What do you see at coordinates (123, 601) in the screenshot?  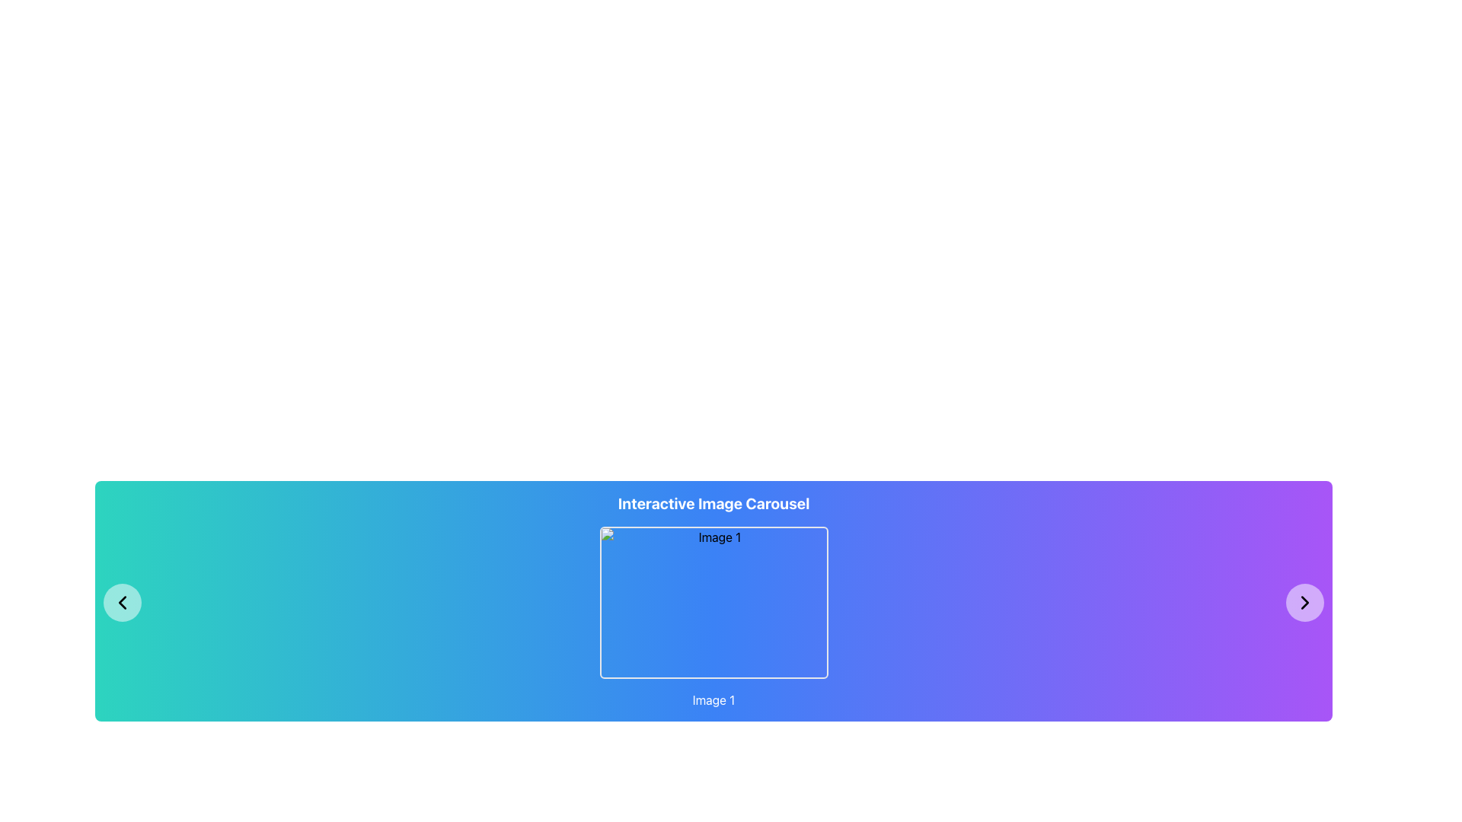 I see `the circular icon button on the left edge of the carousel` at bounding box center [123, 601].